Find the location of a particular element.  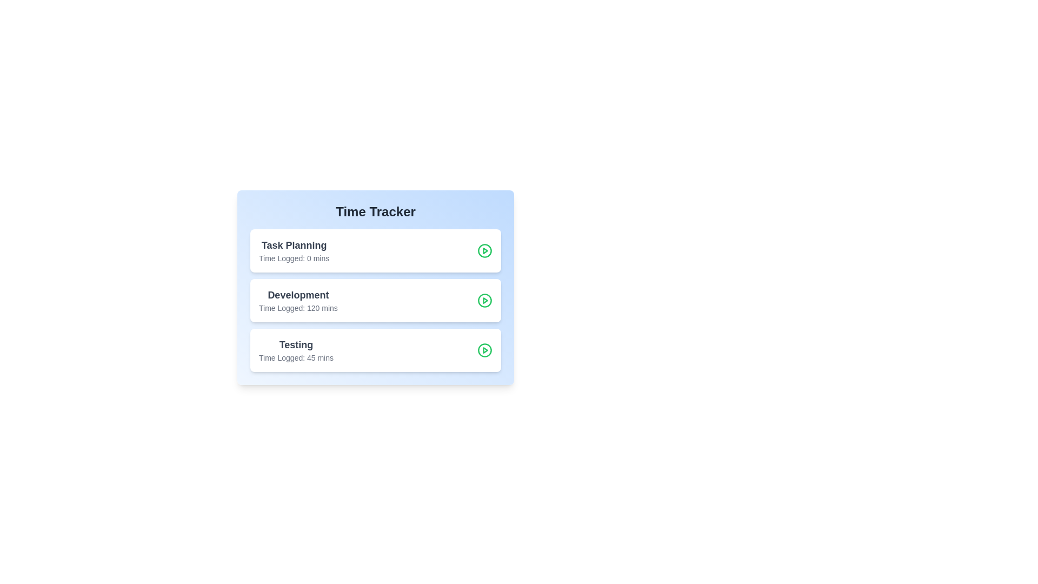

the task titled Testing to observe any hover-based UI changes is located at coordinates (296, 350).